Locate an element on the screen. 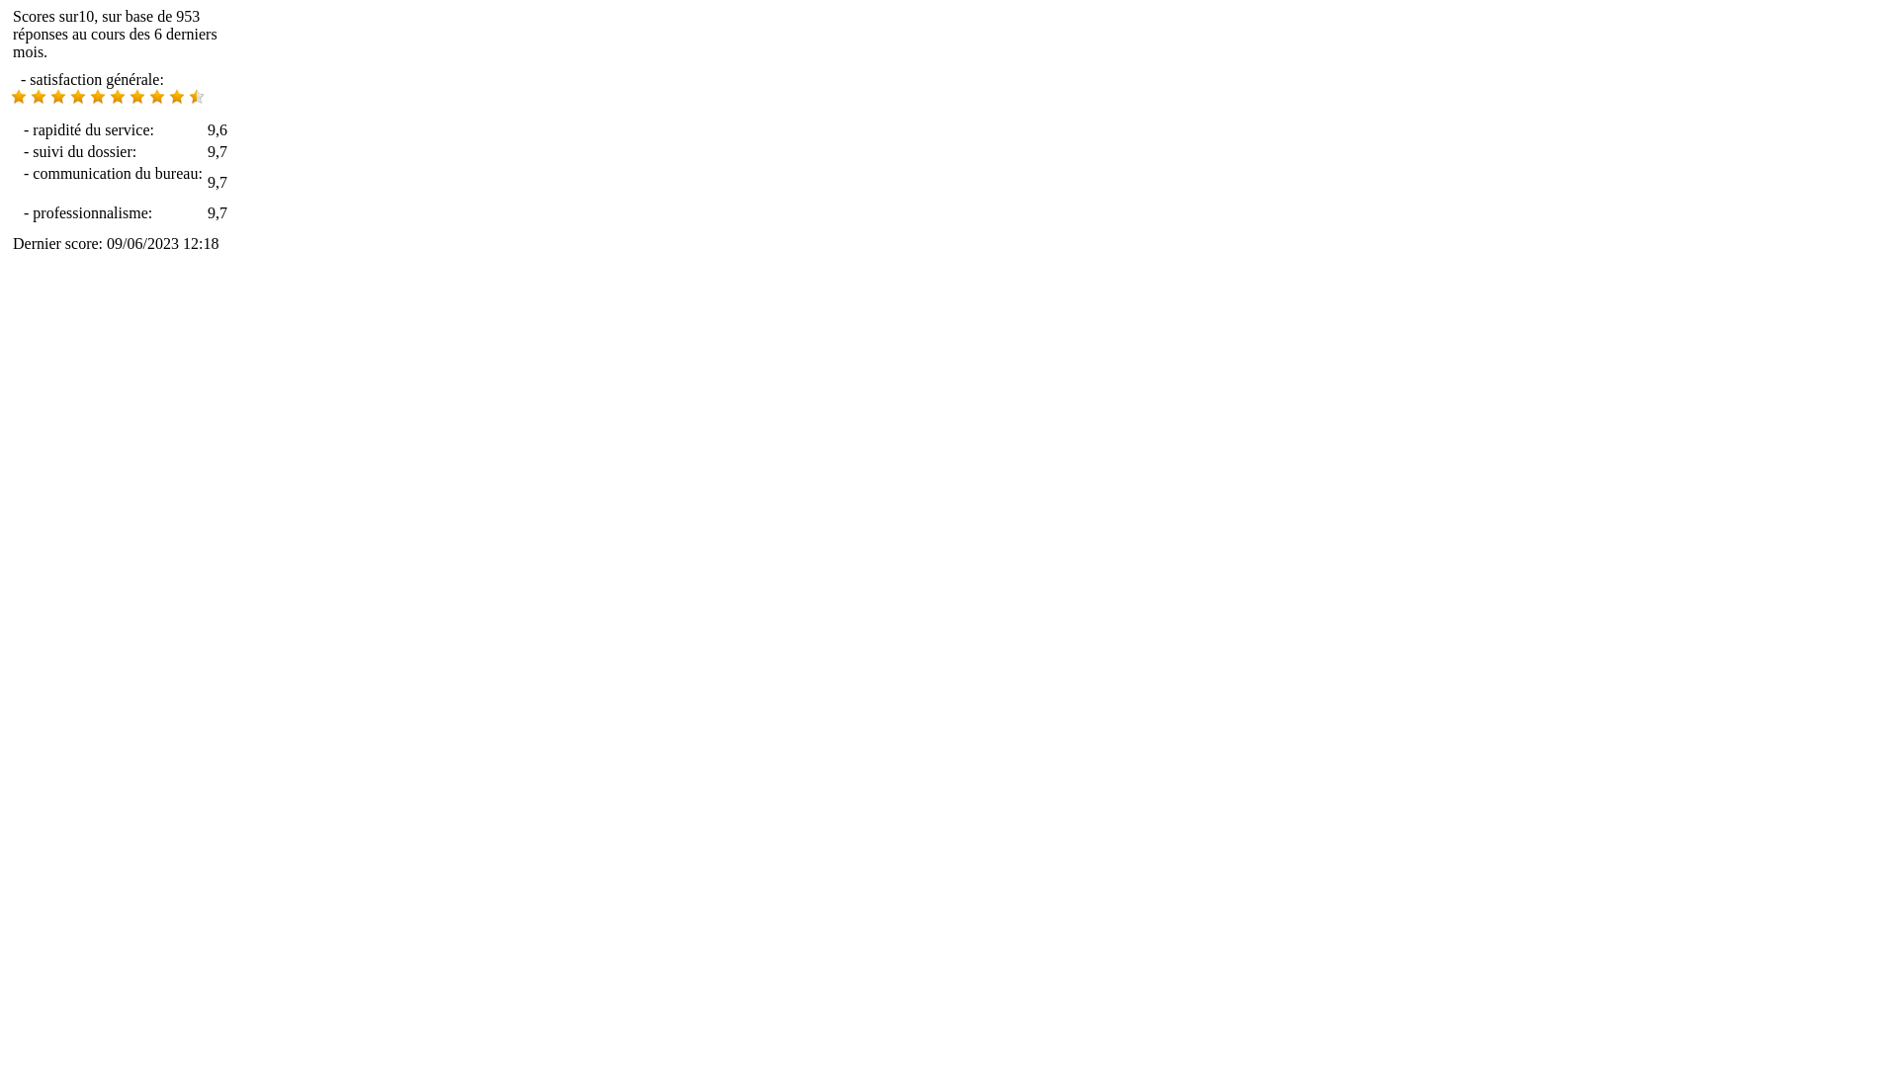 The image size is (1898, 1067). '9.6715634837356' is located at coordinates (155, 96).